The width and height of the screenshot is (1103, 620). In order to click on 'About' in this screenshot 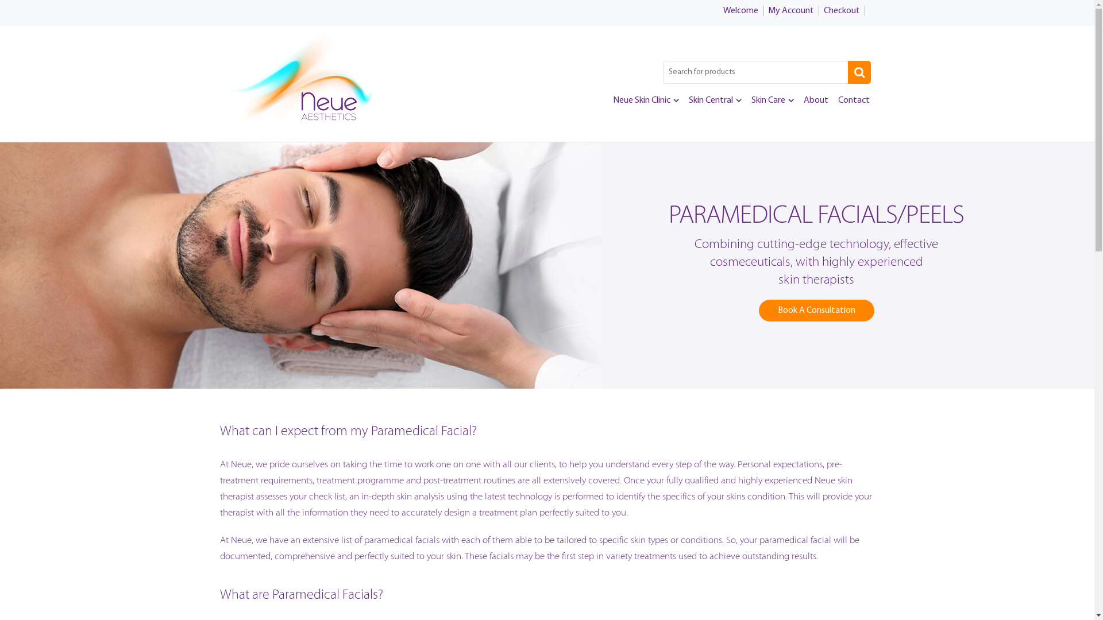, I will do `click(815, 99)`.